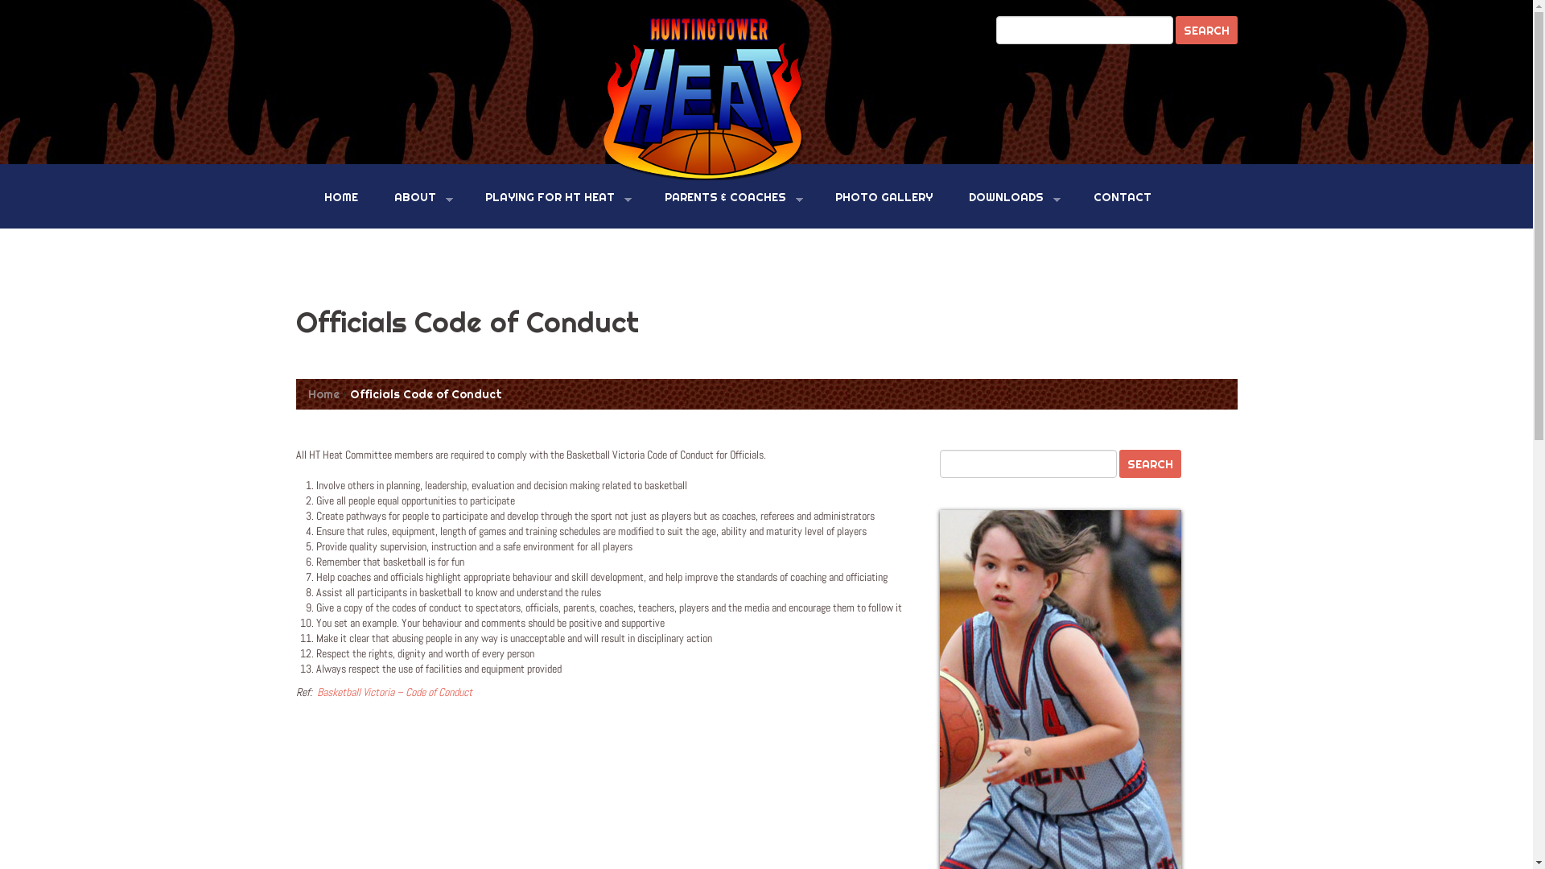  I want to click on 'search', so click(1174, 30).